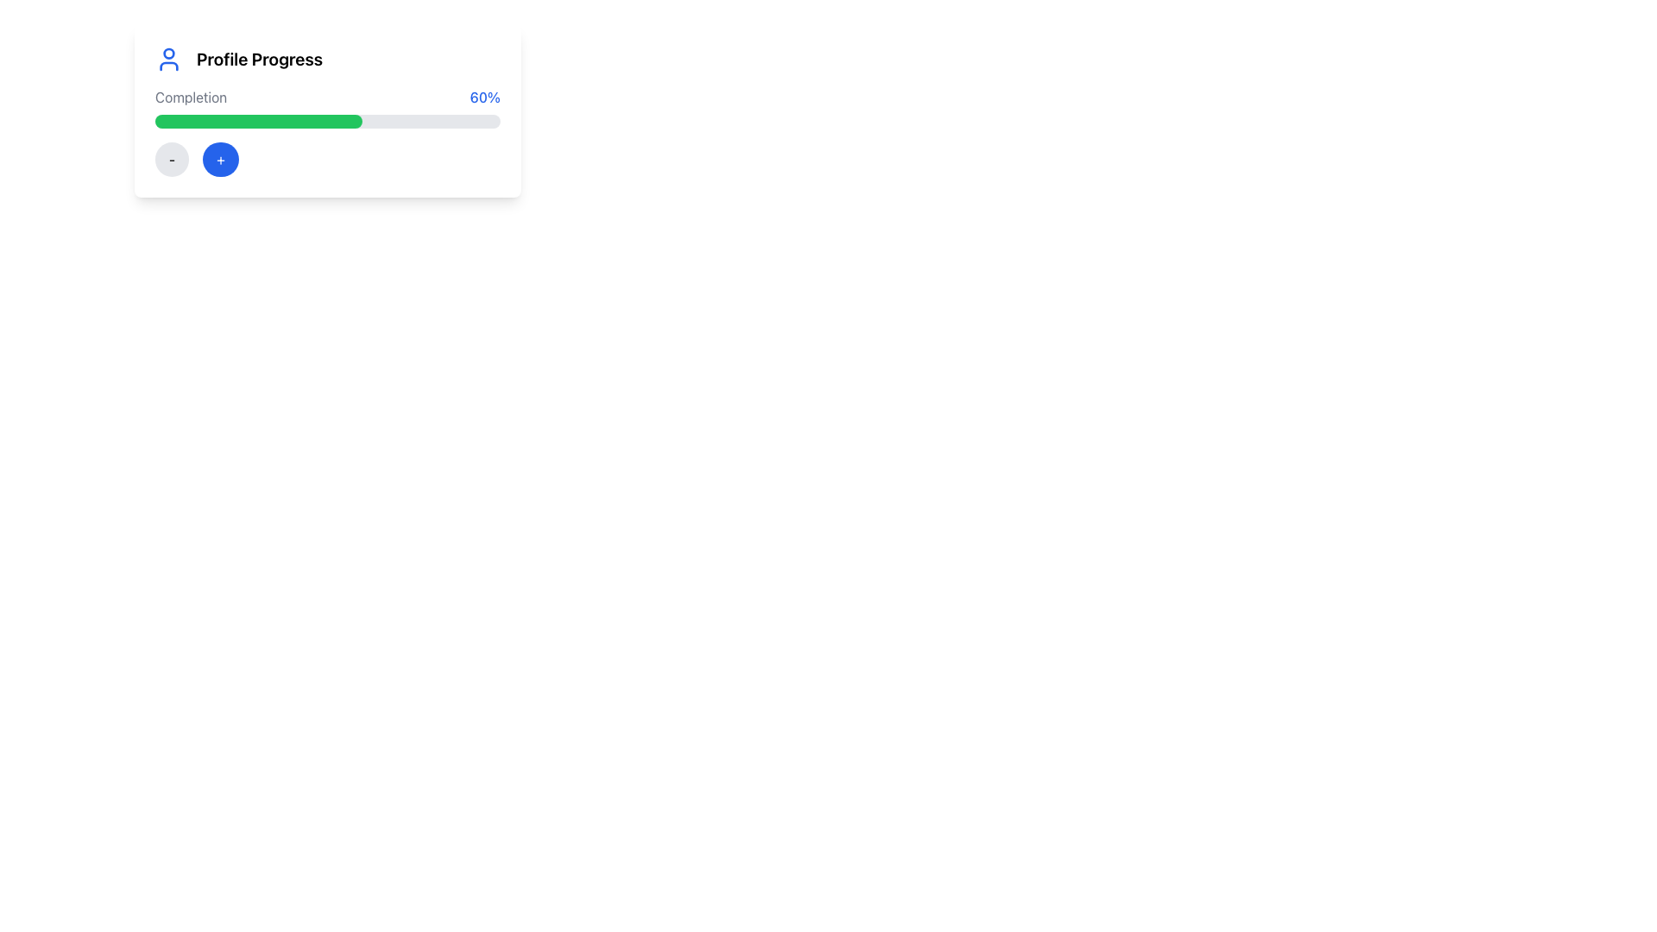  What do you see at coordinates (191, 97) in the screenshot?
I see `the Text Label that describes the associated progress percentage displayed beside it, which is located to the left of '60%' and above a horizontal progress bar` at bounding box center [191, 97].